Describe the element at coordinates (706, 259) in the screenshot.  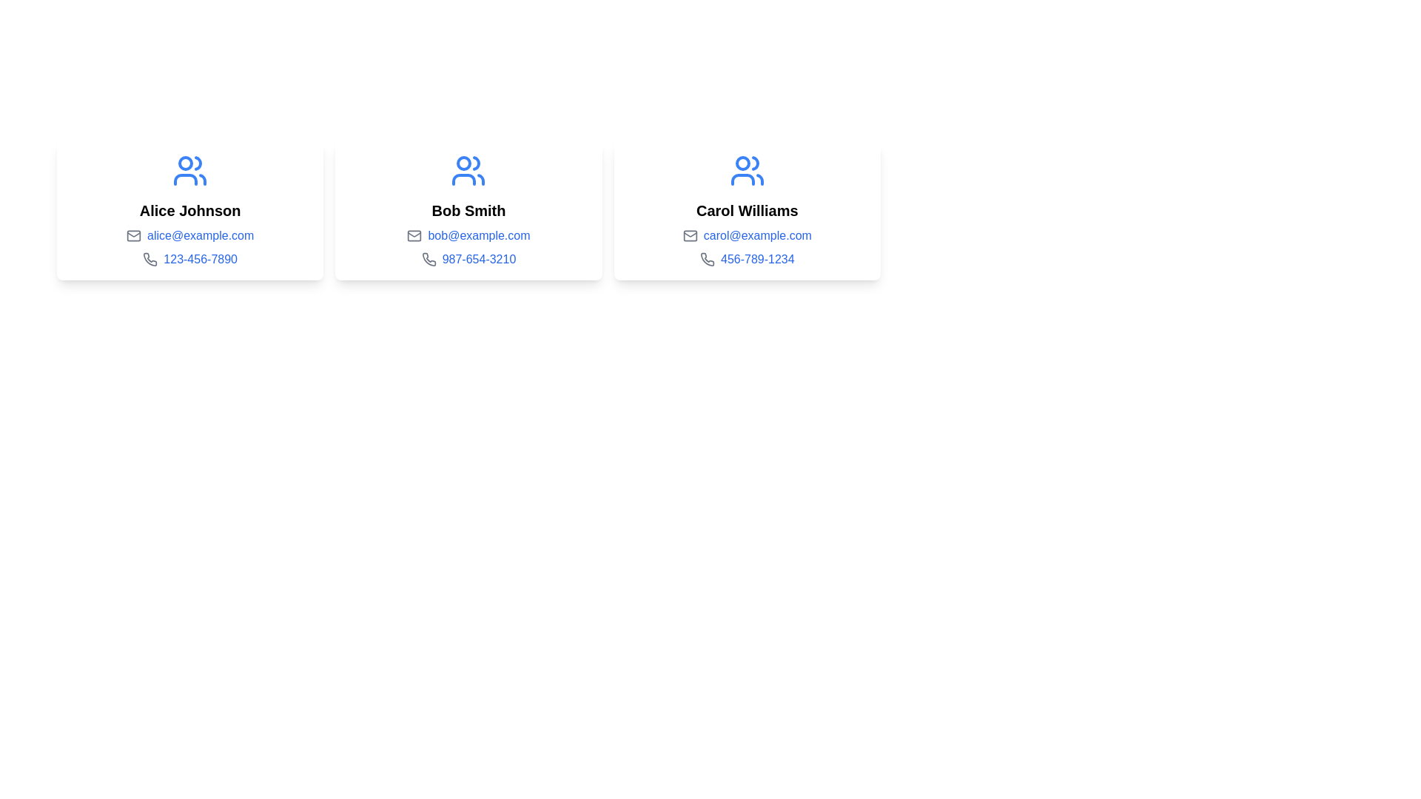
I see `the phone icon next to the phone number '456-789-1234' associated with 'Carol Williams' for additional information` at that location.